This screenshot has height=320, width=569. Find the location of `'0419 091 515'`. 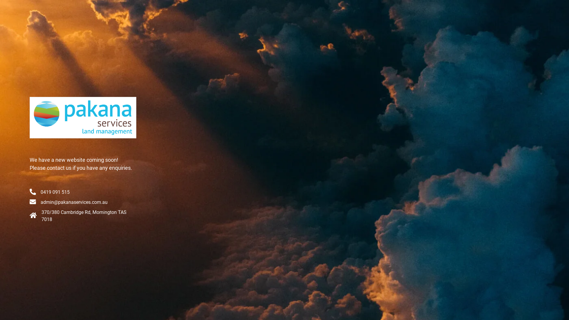

'0419 091 515' is located at coordinates (55, 192).